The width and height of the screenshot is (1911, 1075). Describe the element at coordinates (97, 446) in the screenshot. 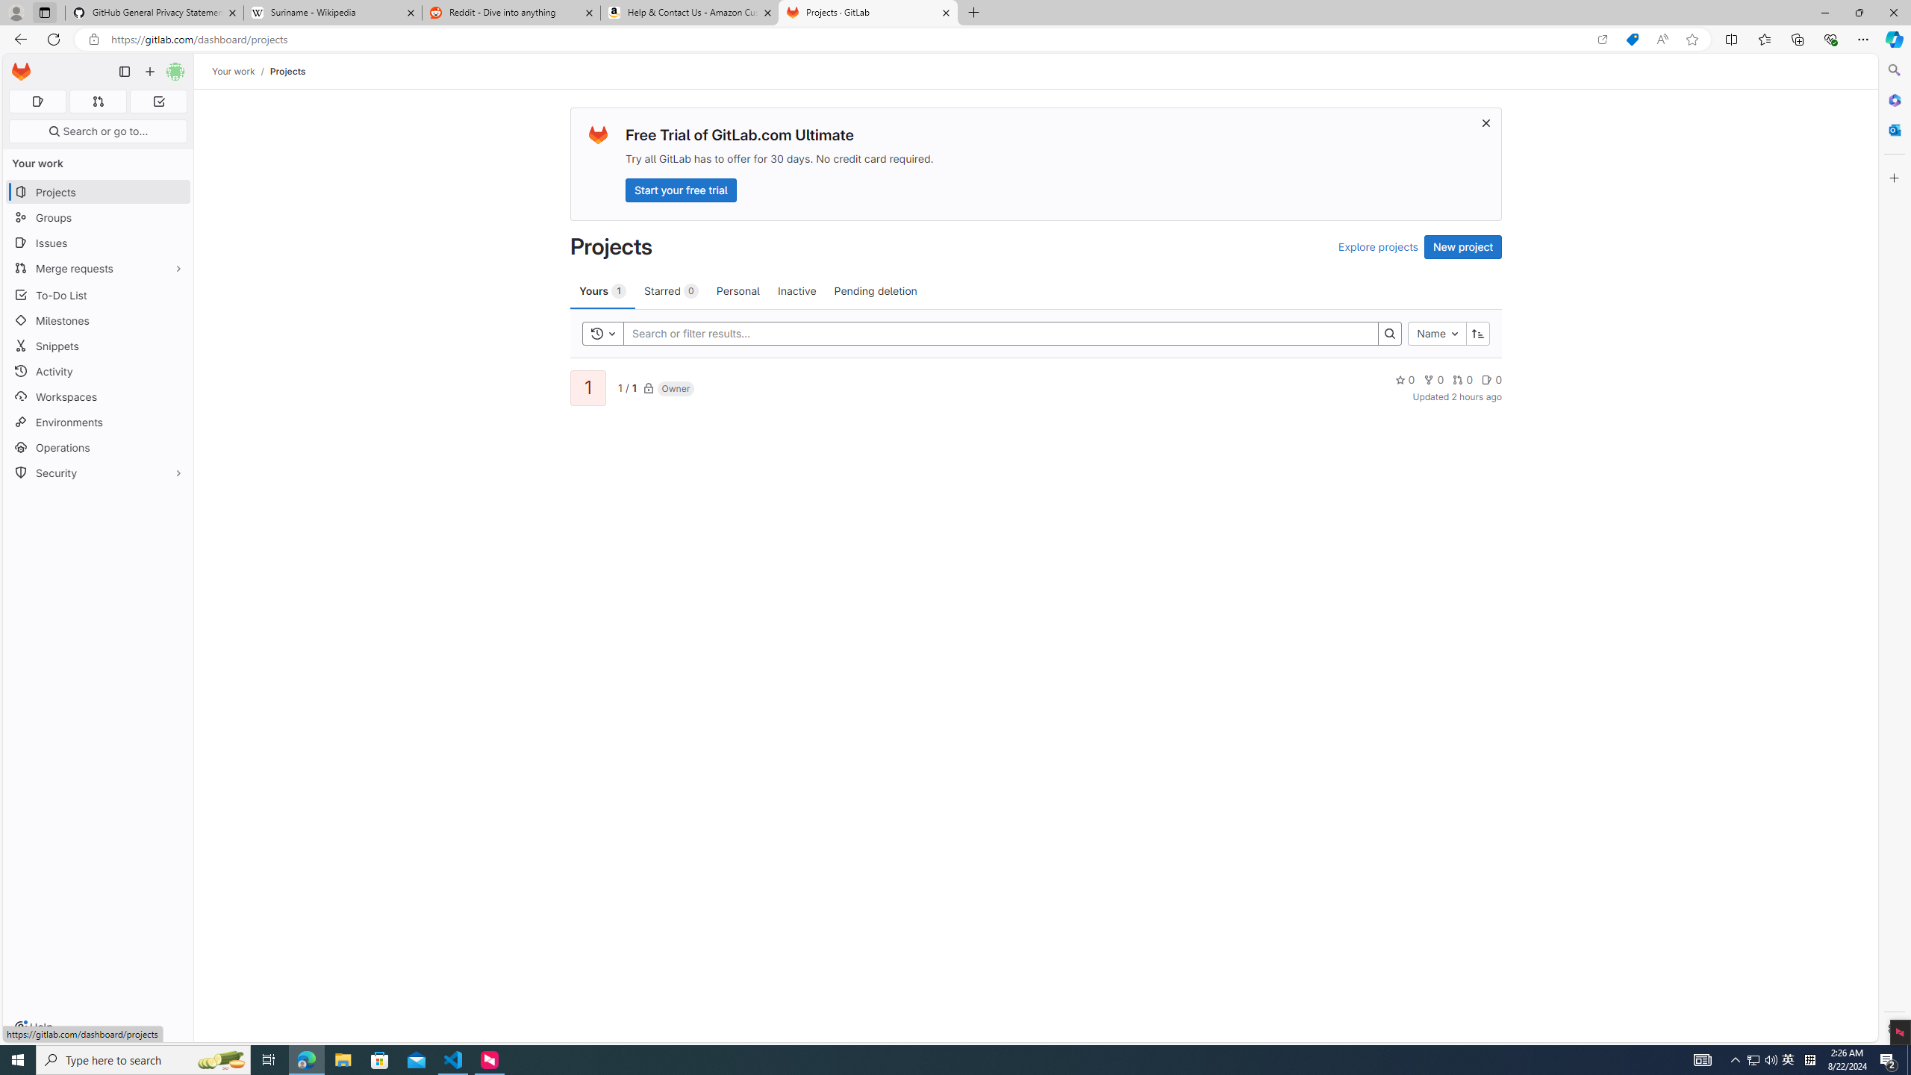

I see `'Operations'` at that location.